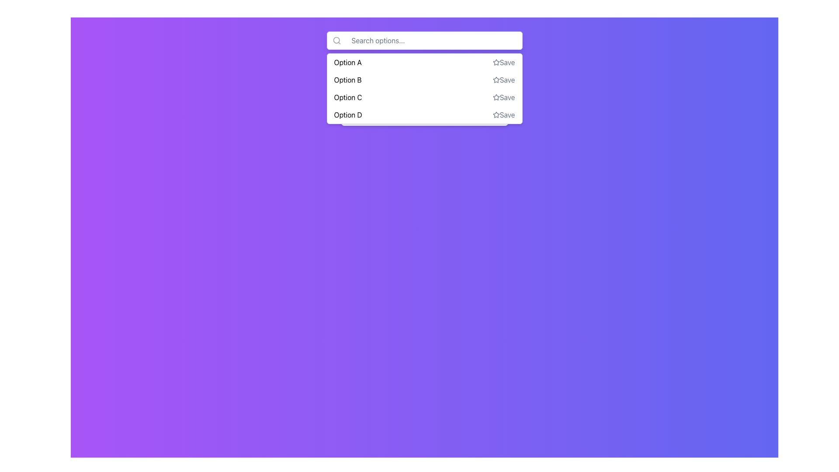 The height and width of the screenshot is (472, 839). Describe the element at coordinates (503, 80) in the screenshot. I see `the 'Save' button, which is a light gray text label that changes to indigo on hover, located to the right of a star-shaped icon under 'Option B.'` at that location.